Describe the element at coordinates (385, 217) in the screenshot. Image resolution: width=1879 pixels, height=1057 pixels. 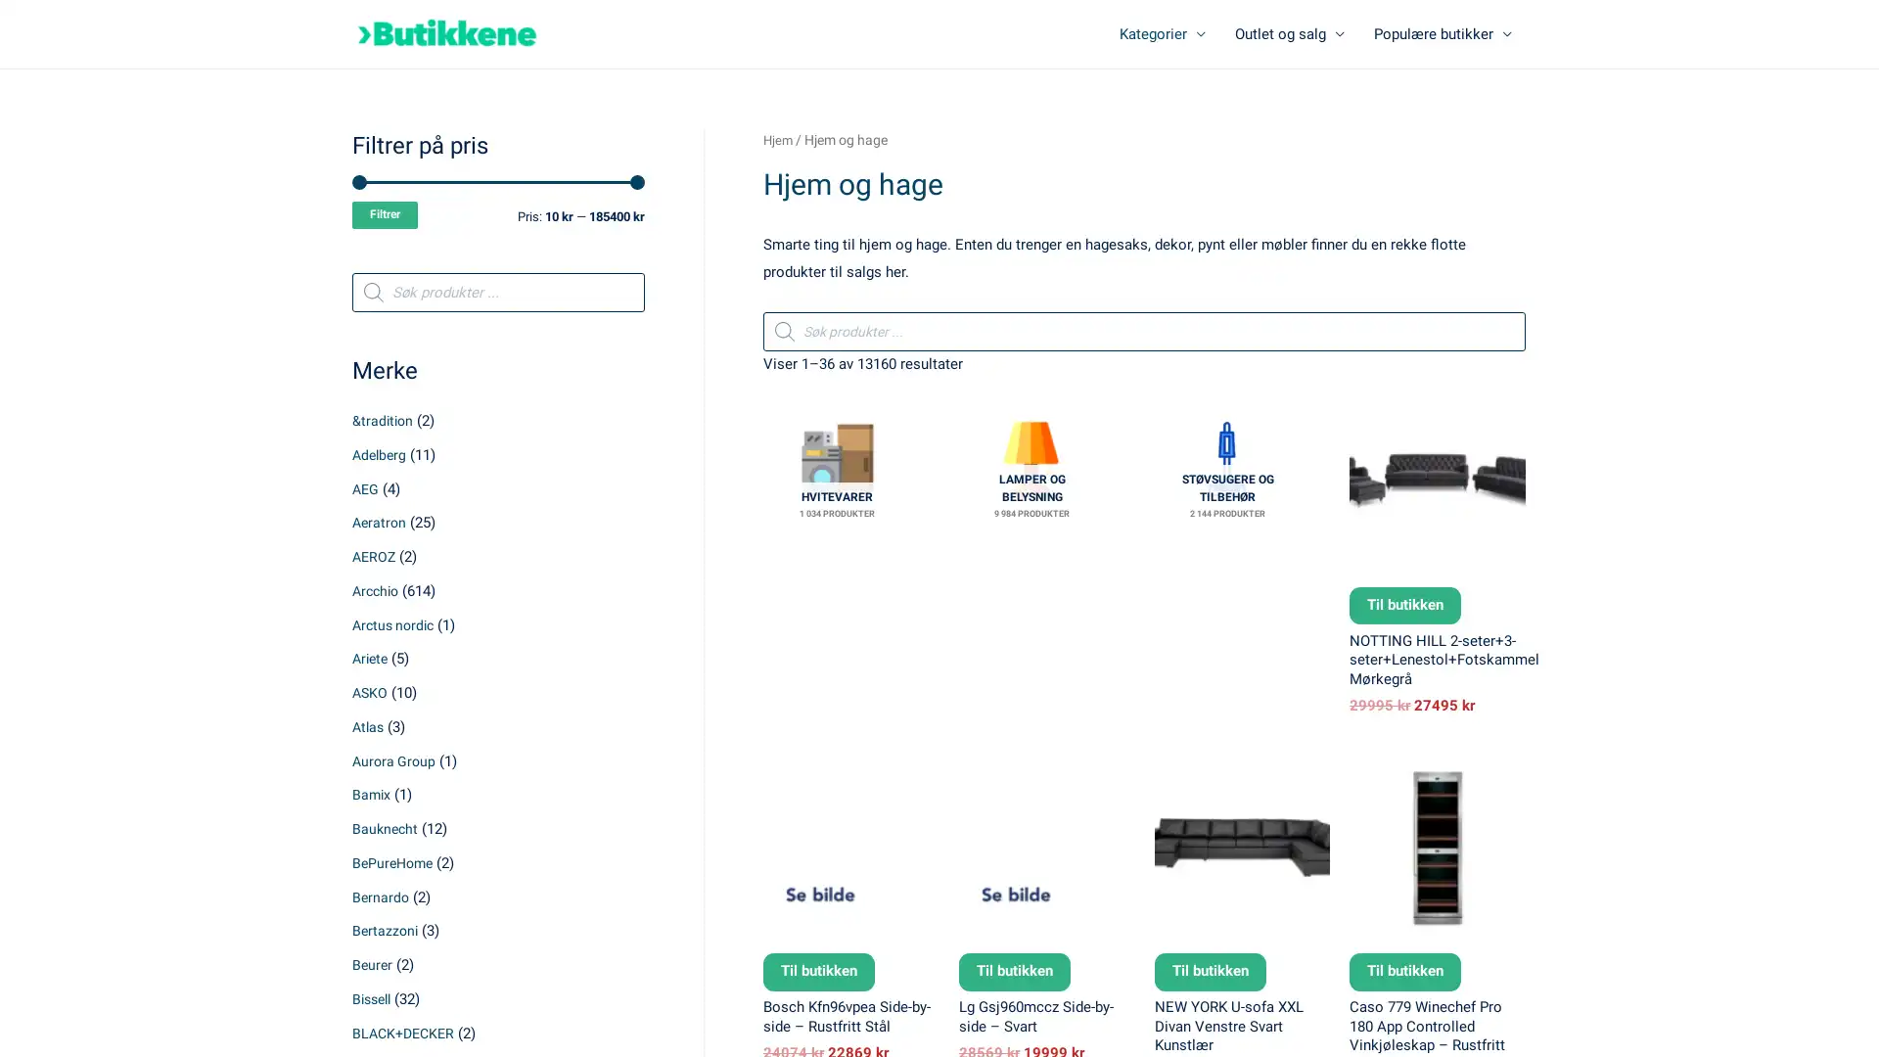
I see `Filtrer` at that location.